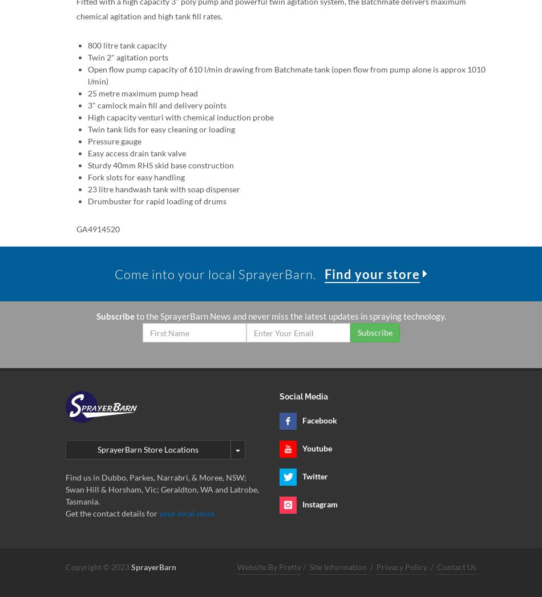 The width and height of the screenshot is (542, 597). I want to click on 'Site Information', so click(337, 566).